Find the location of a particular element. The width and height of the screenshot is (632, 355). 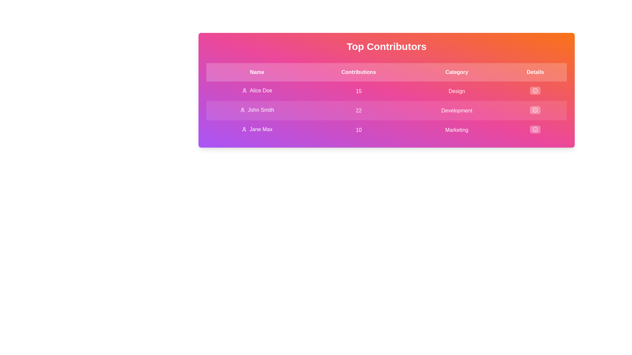

the button in the 'Details' column of the third row, associated with 'Jane Max' is located at coordinates (535, 129).